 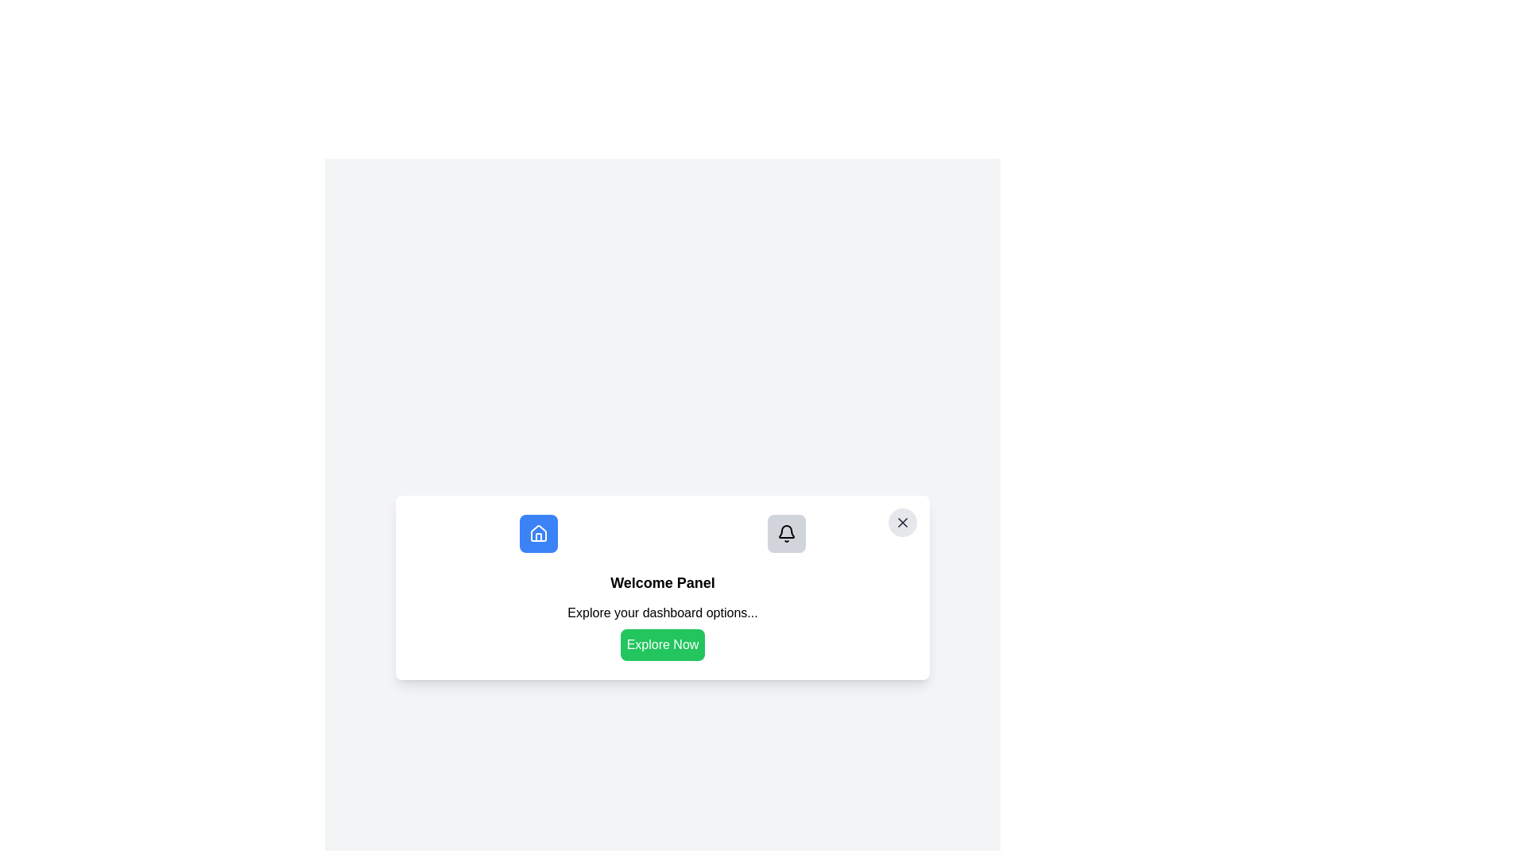 What do you see at coordinates (903, 523) in the screenshot?
I see `the circular button with a light gray background and an 'X' icon in the center, located at the top-right corner of the 'Welcome Panel'` at bounding box center [903, 523].